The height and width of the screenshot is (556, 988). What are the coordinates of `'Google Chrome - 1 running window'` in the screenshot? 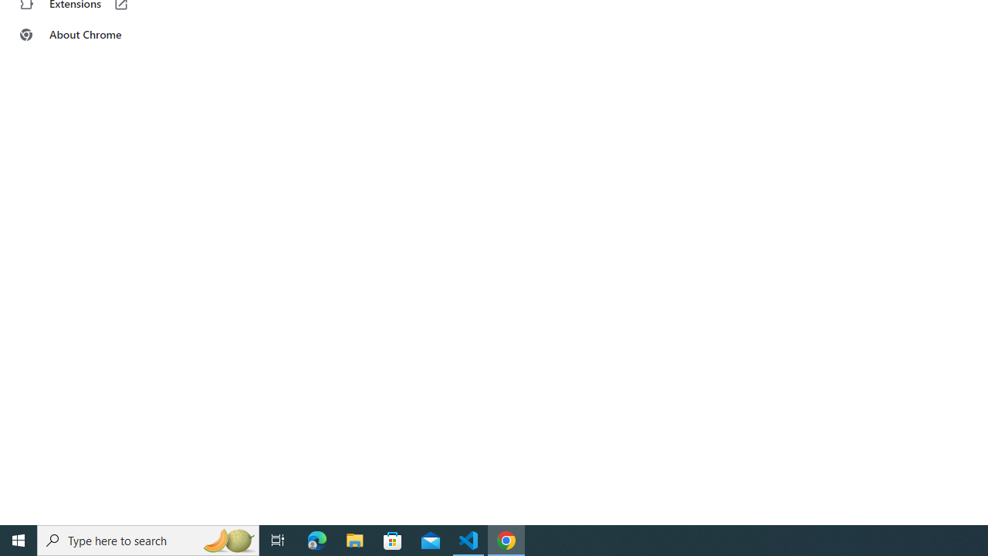 It's located at (506, 539).